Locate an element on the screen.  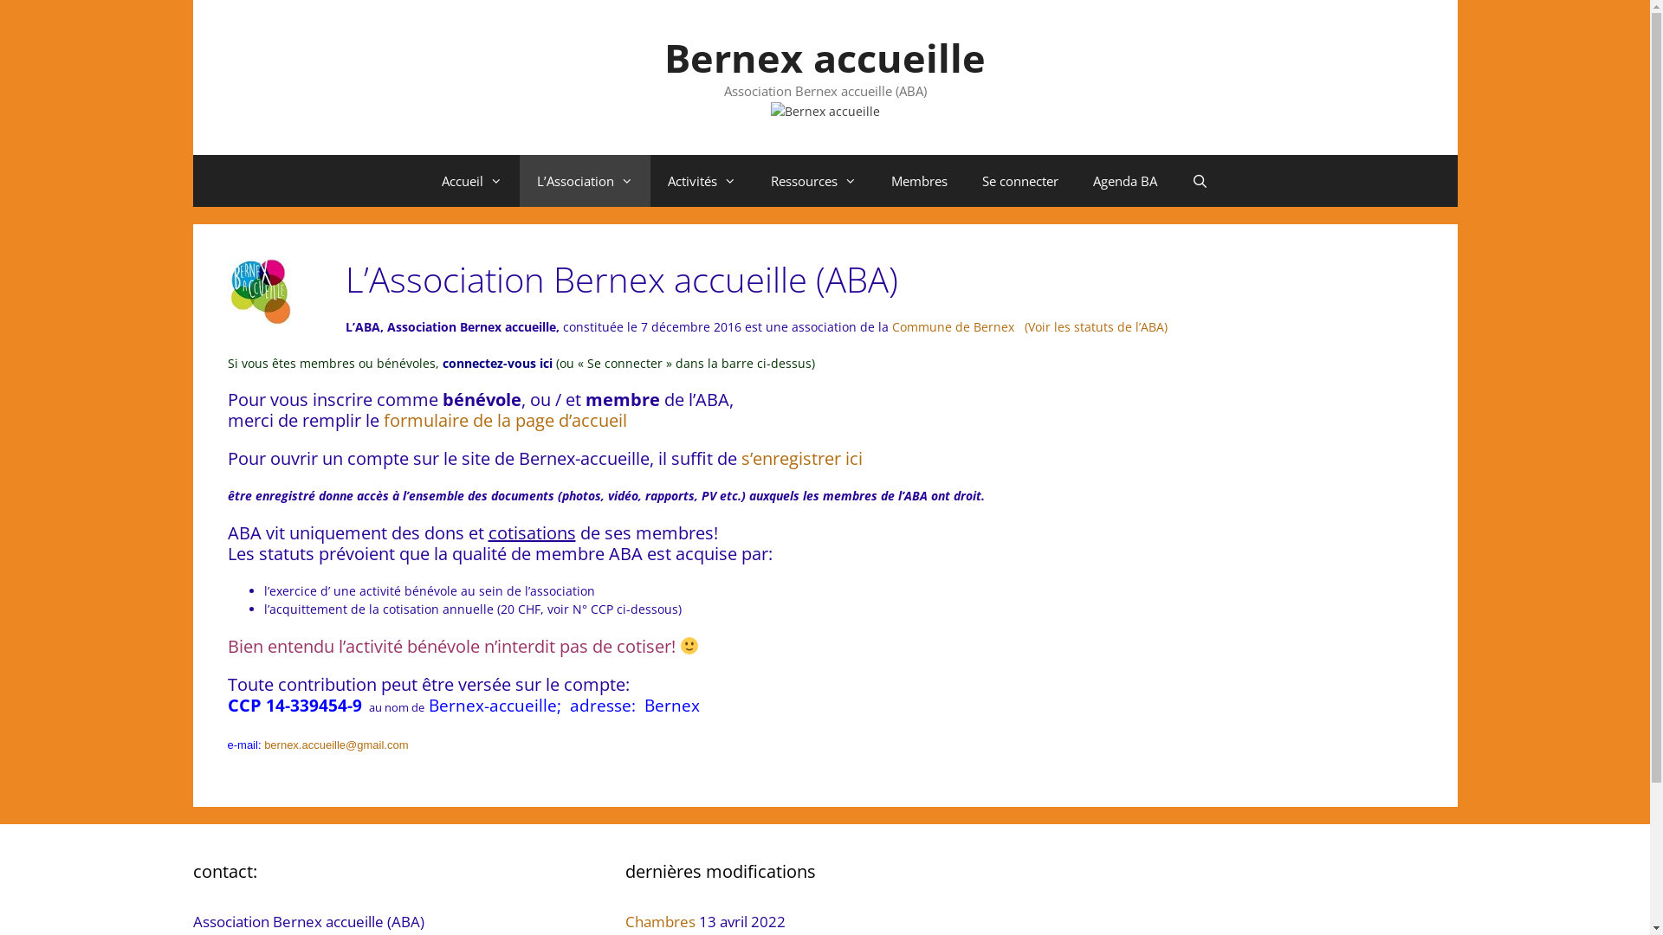
'Ressources' is located at coordinates (812, 180).